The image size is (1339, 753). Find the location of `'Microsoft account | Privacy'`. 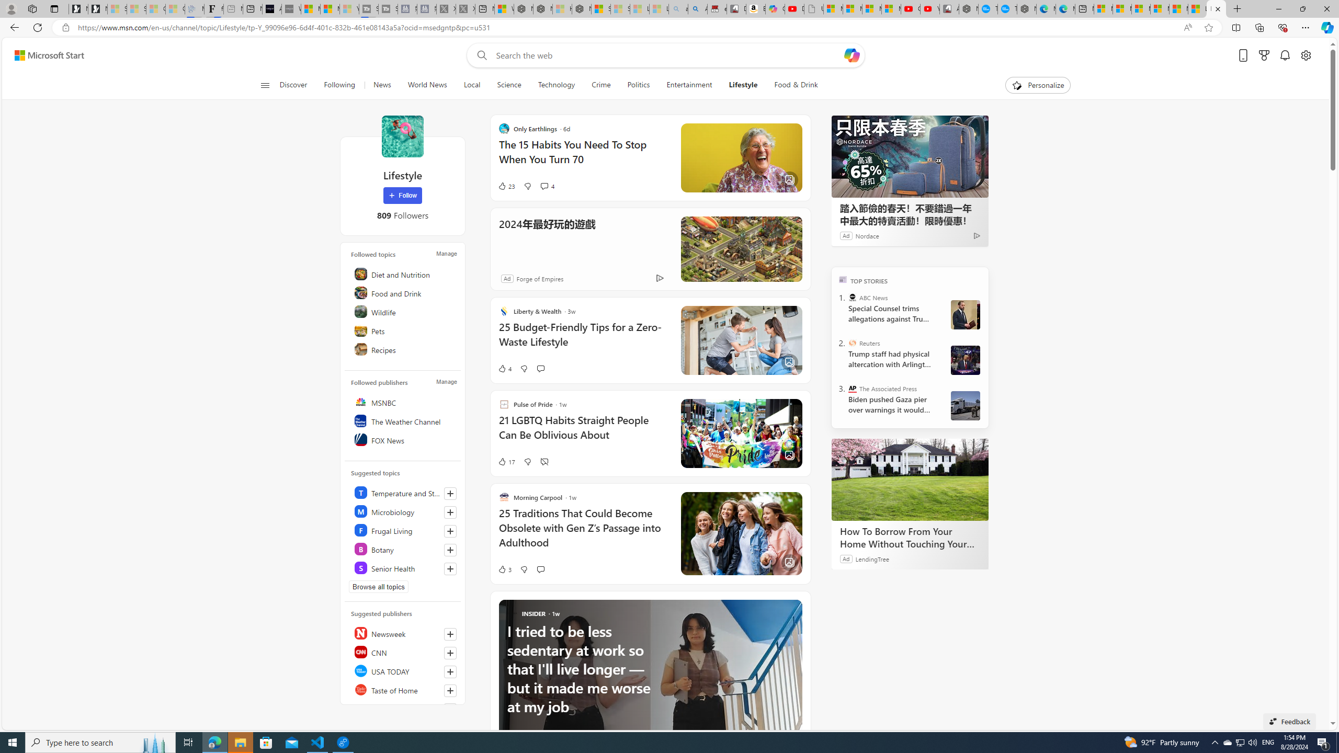

'Microsoft account | Privacy' is located at coordinates (1160, 8).